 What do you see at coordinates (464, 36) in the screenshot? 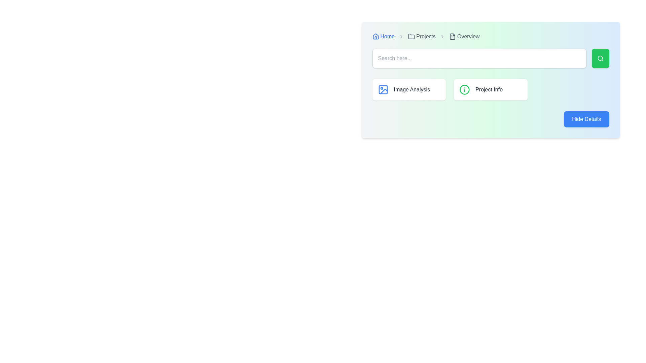
I see `the last item in the breadcrumb navigation trail, which indicates the current section of the application and is positioned on the top-right portion of the page` at bounding box center [464, 36].